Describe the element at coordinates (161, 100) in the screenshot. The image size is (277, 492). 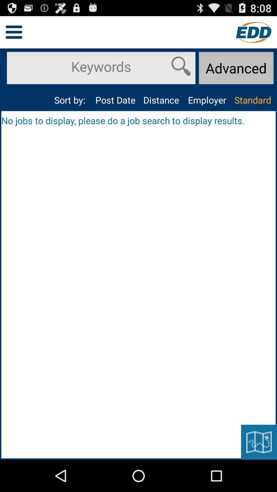
I see `distance item` at that location.